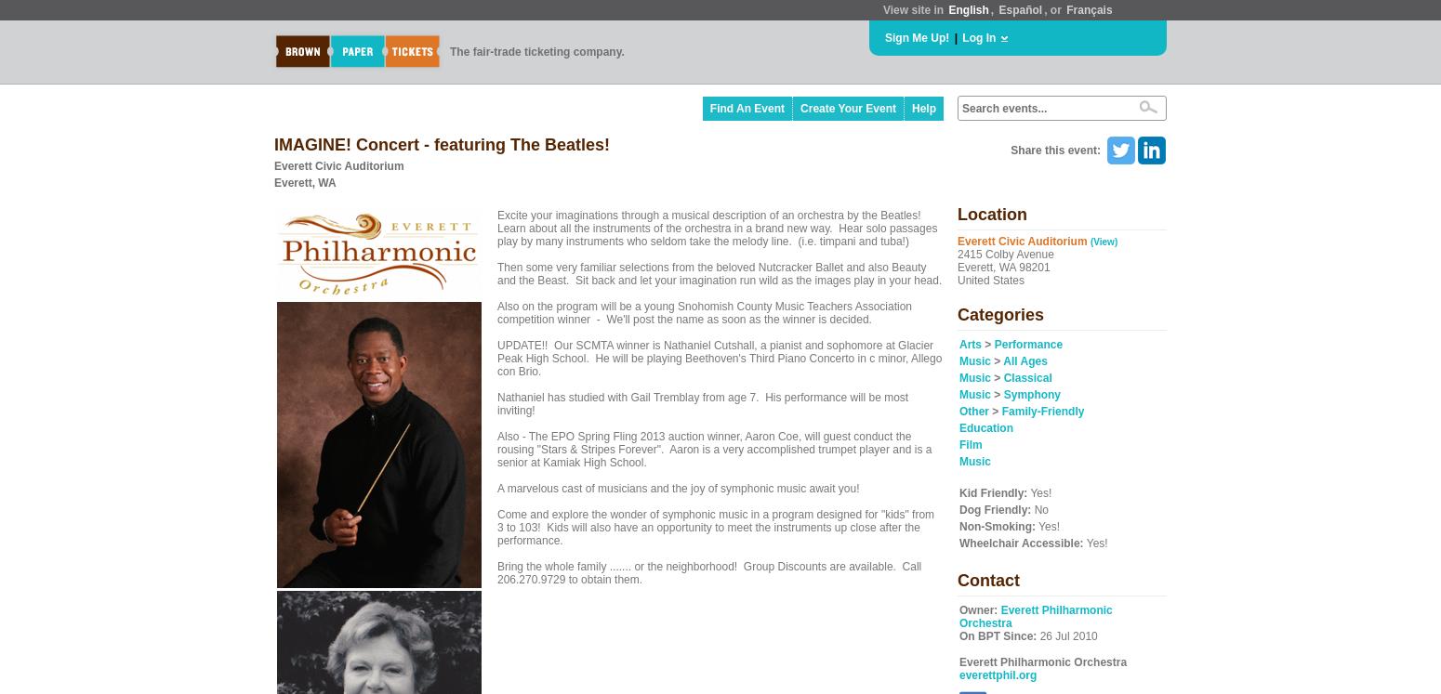 This screenshot has width=1441, height=694. What do you see at coordinates (1005, 254) in the screenshot?
I see `'2415 Colby Avenue'` at bounding box center [1005, 254].